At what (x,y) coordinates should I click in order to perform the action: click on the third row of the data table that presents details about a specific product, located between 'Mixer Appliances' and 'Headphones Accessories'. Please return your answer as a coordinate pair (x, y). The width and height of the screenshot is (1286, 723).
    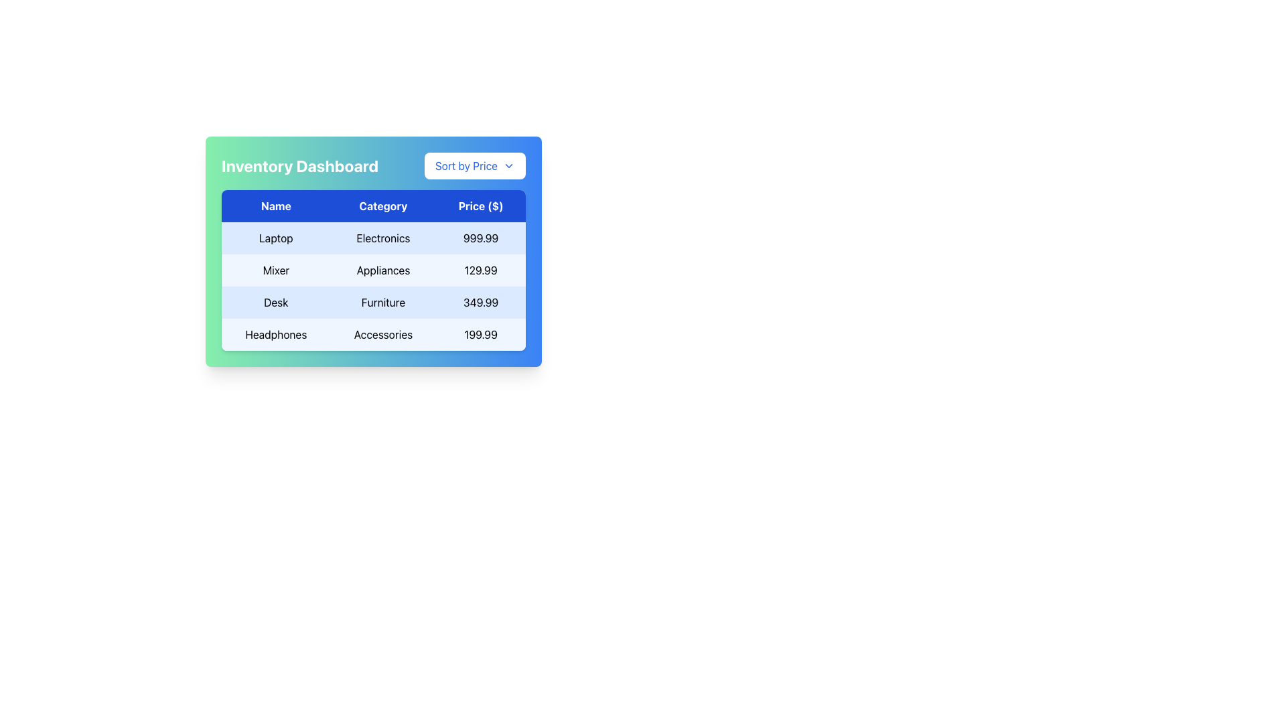
    Looking at the image, I should click on (373, 302).